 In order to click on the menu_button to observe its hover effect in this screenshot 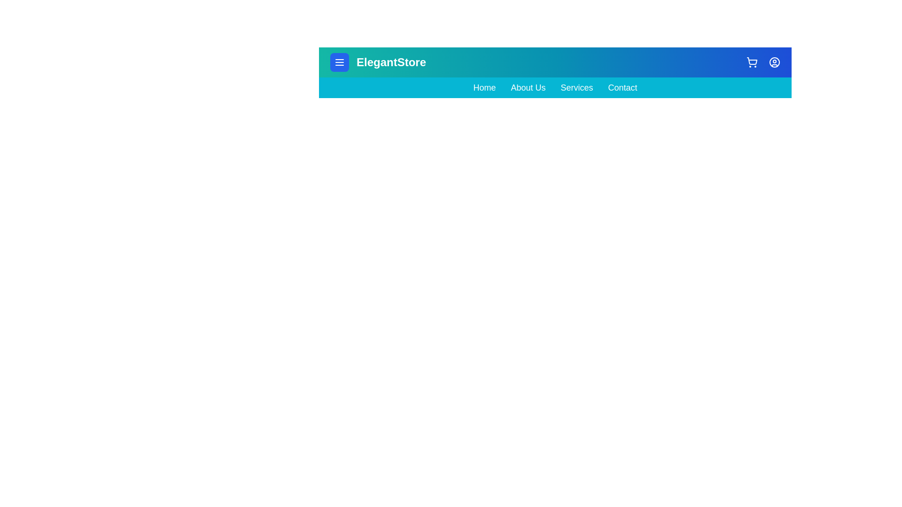, I will do `click(339, 62)`.